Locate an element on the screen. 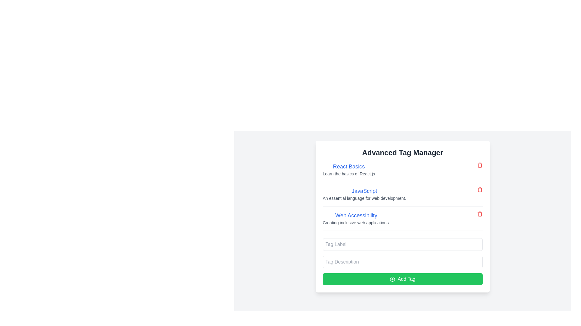  the delete icon button located at the far-right end of the row containing the entry titled 'Web Accessibility' is located at coordinates (479, 214).